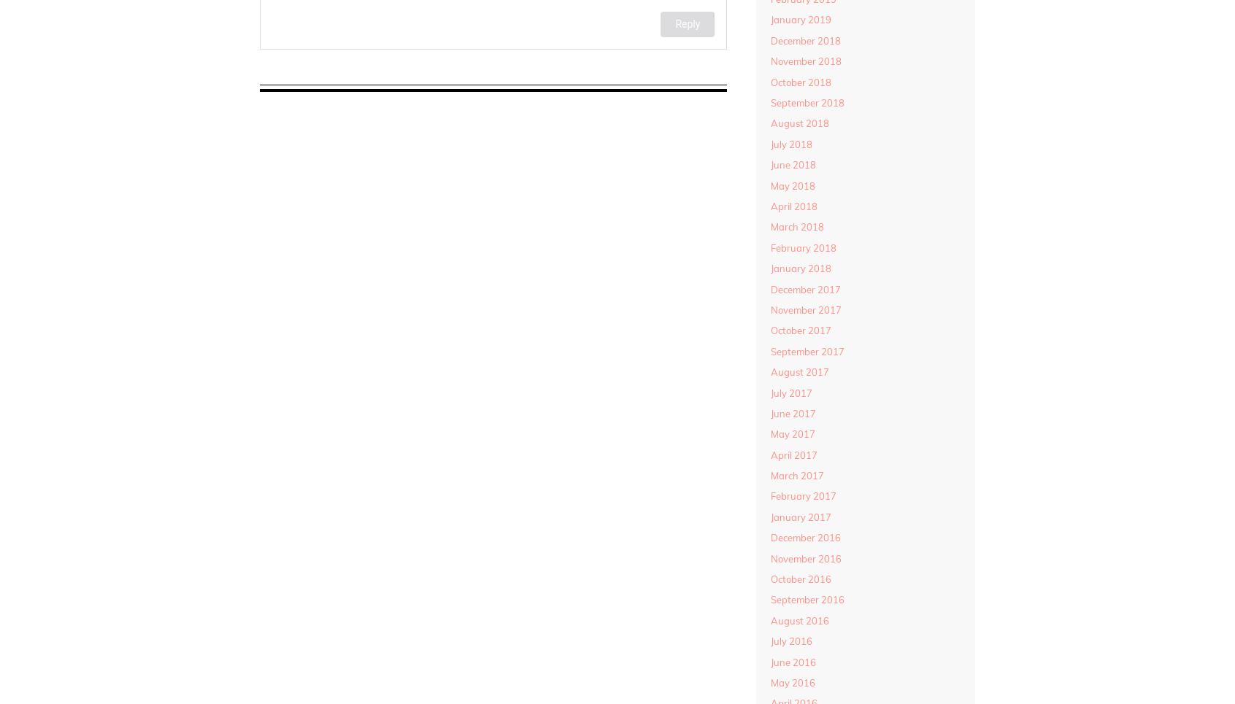  What do you see at coordinates (800, 579) in the screenshot?
I see `'October 2016'` at bounding box center [800, 579].